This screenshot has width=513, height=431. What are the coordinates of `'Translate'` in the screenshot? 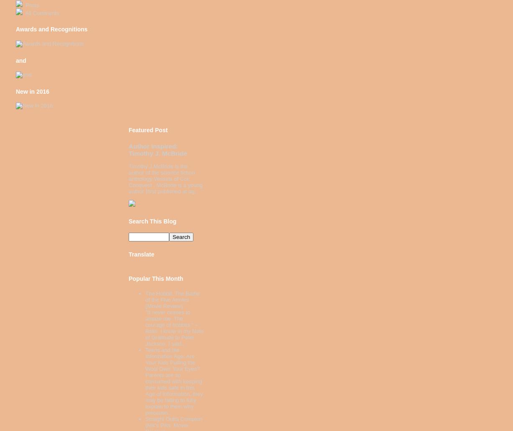 It's located at (141, 254).